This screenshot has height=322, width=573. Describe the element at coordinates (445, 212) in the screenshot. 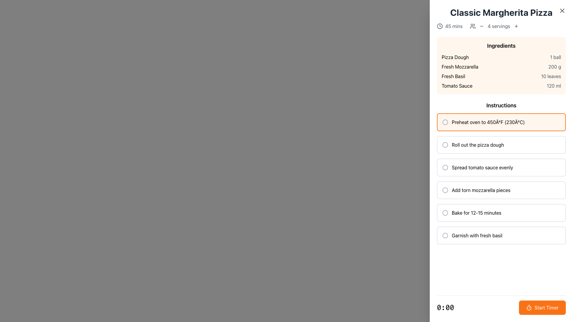

I see `the circular outline icon located` at that location.